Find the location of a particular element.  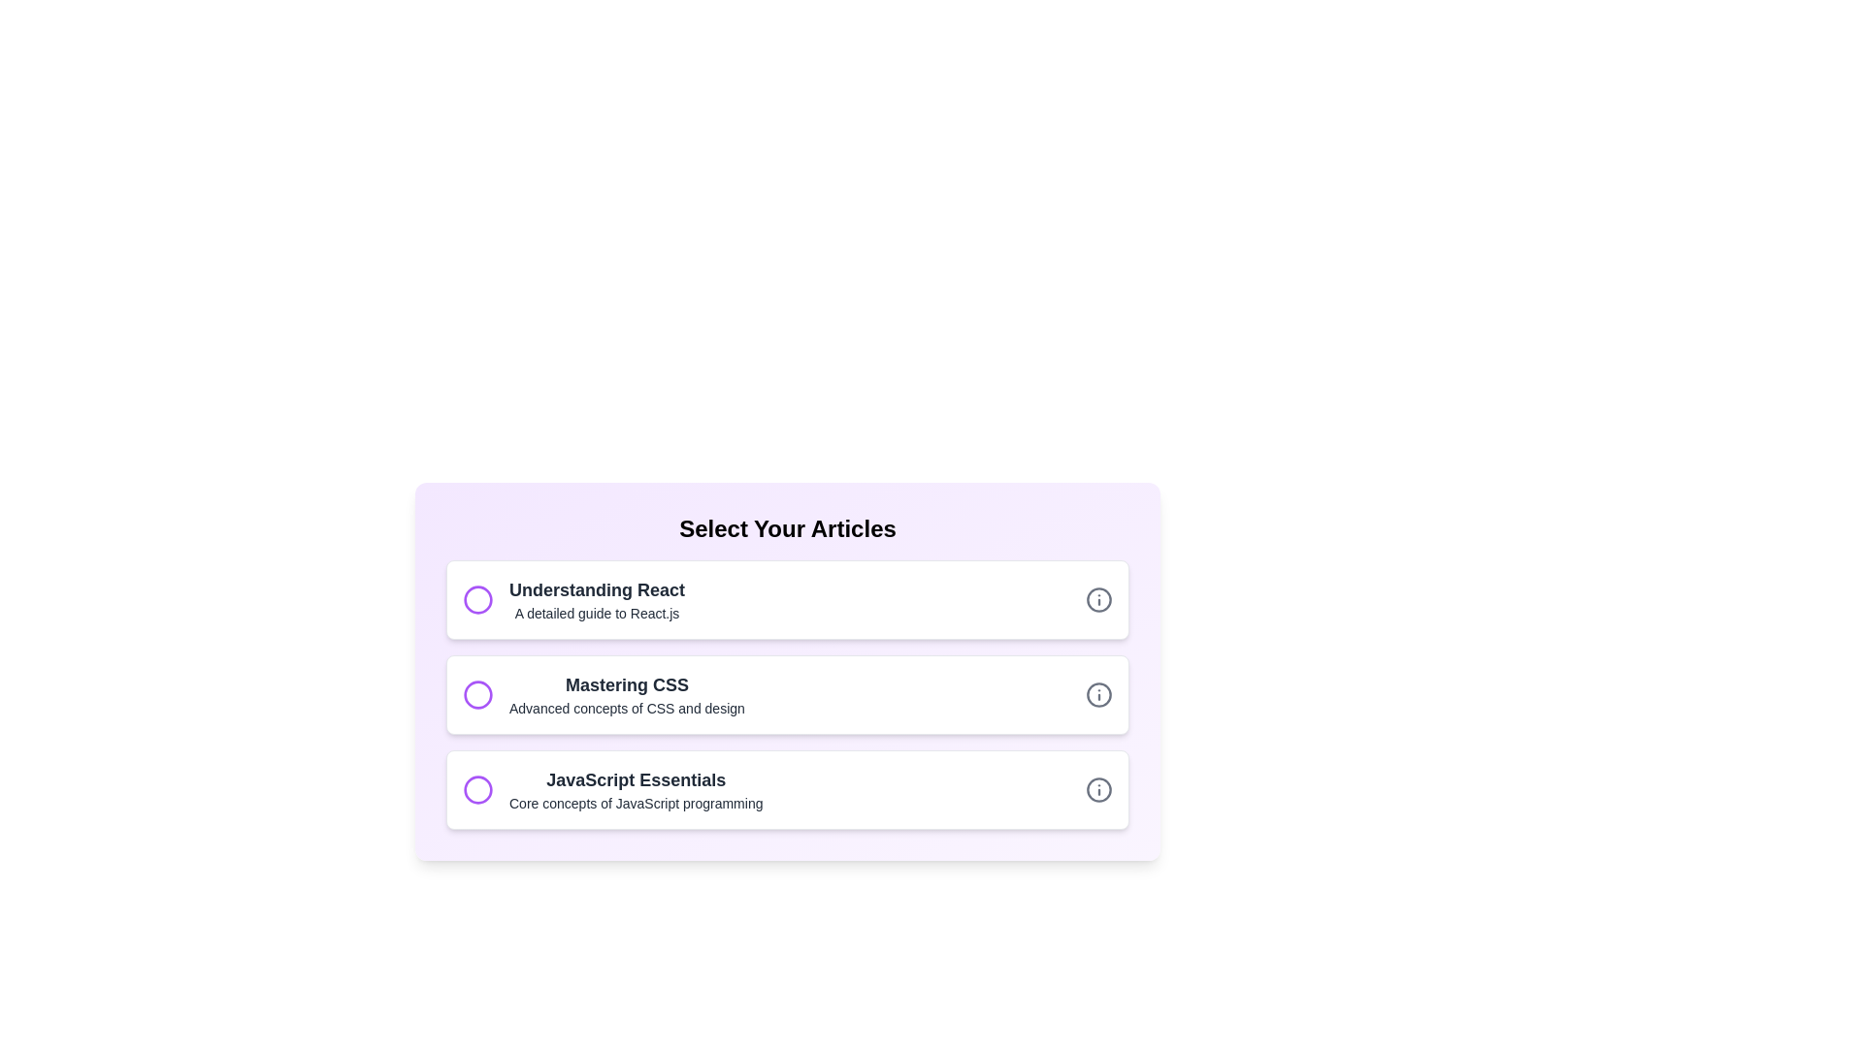

the title and description of the article with title JavaScript Essentials is located at coordinates (787, 789).